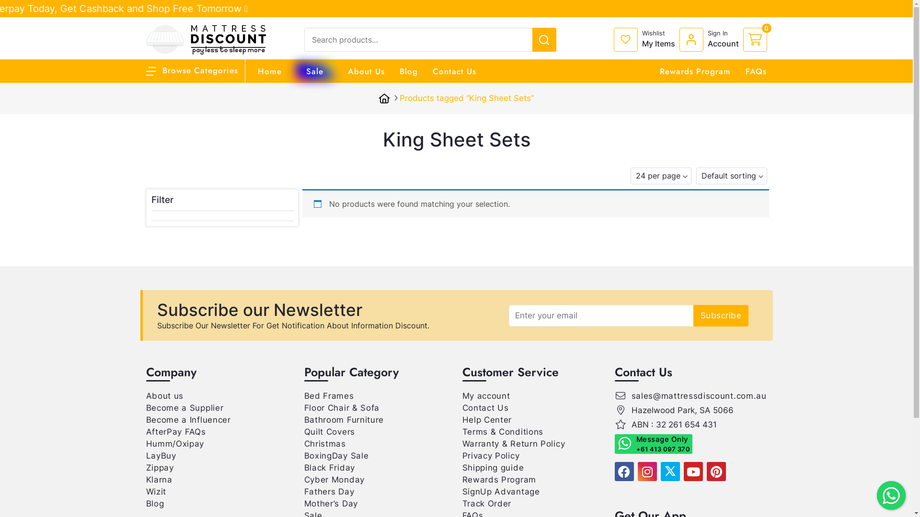 This screenshot has width=920, height=517. I want to click on 'Fathers Day', so click(329, 491).